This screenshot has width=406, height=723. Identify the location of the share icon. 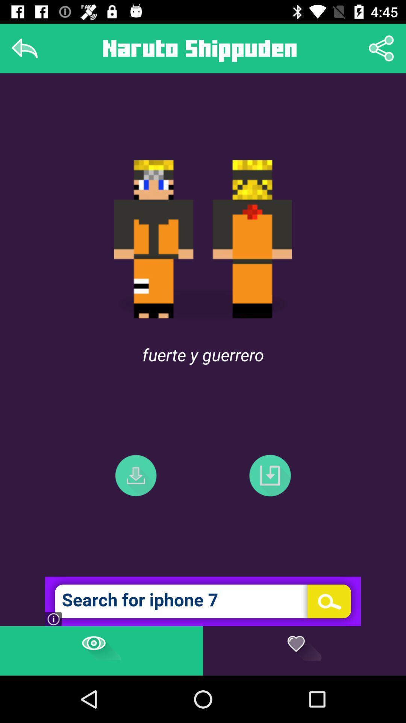
(381, 48).